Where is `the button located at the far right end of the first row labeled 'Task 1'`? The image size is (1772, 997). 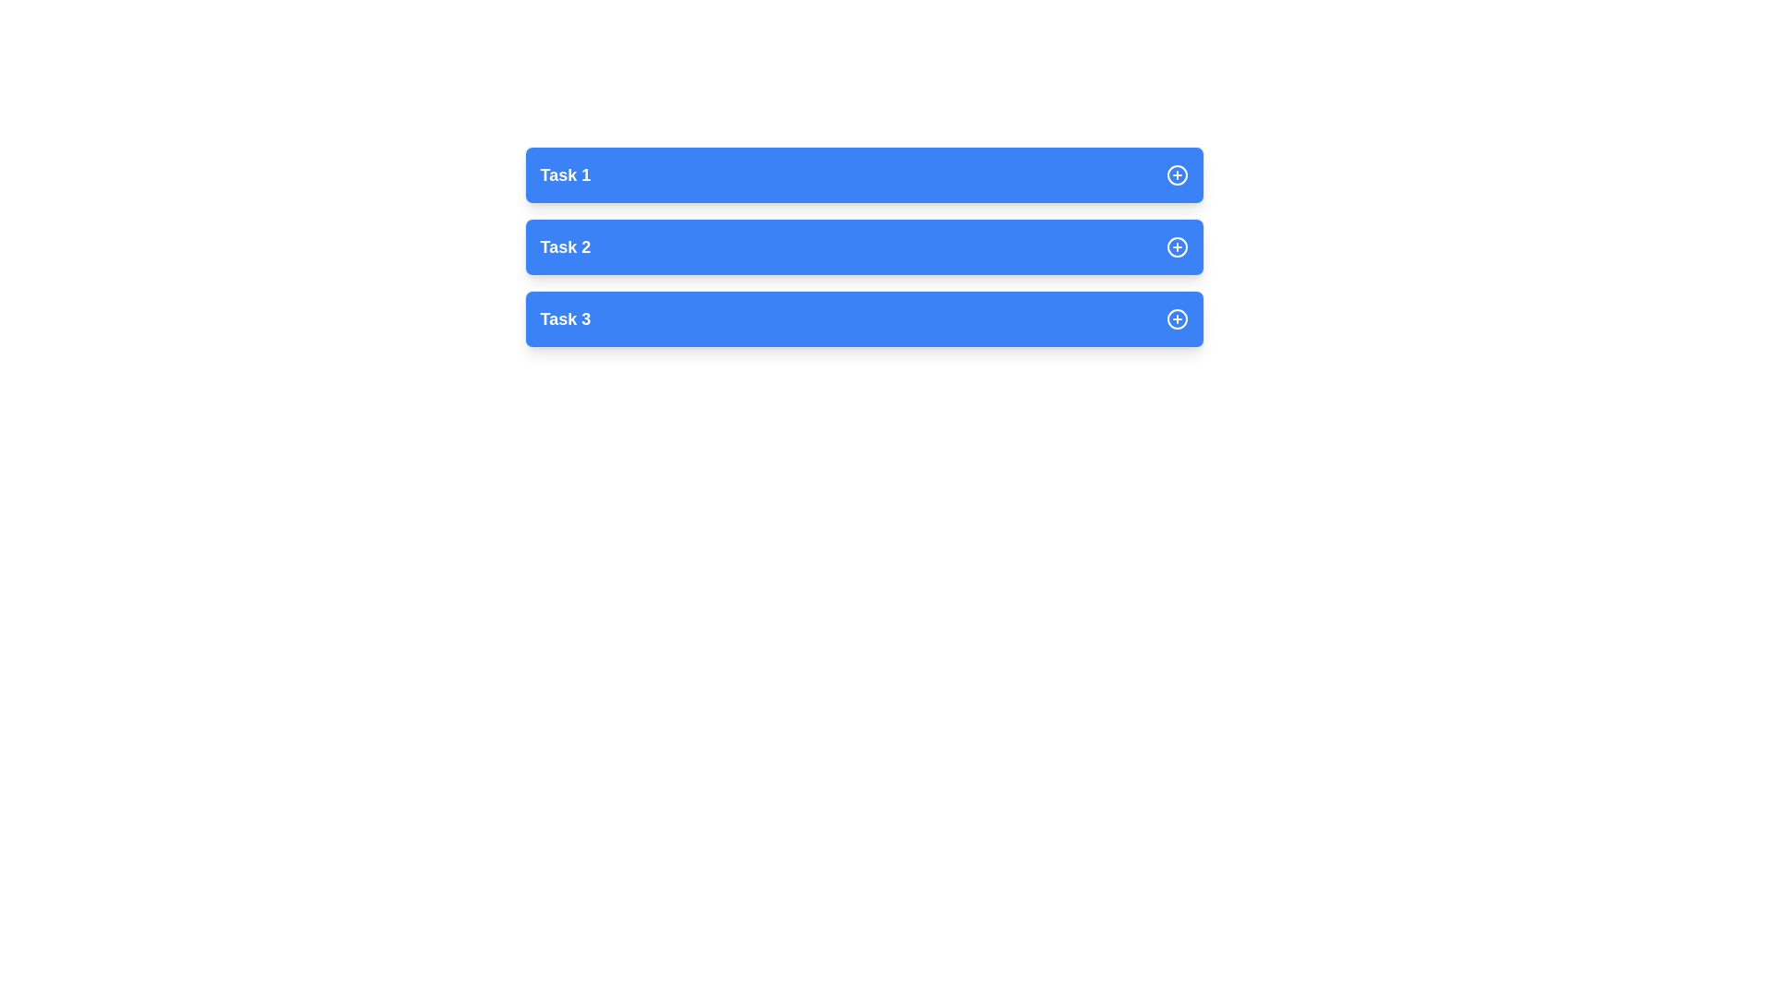 the button located at the far right end of the first row labeled 'Task 1' is located at coordinates (1176, 174).